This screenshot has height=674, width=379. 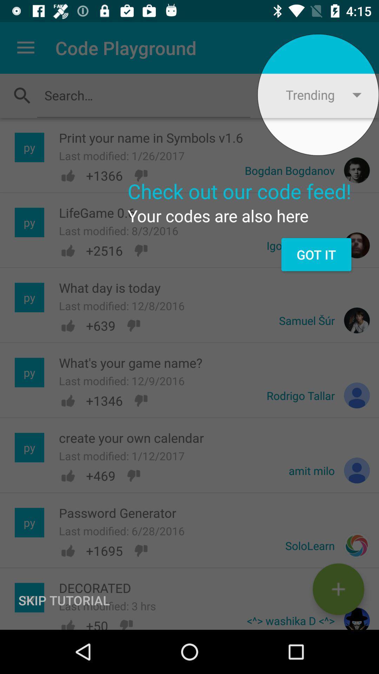 What do you see at coordinates (338, 589) in the screenshot?
I see `decorated option` at bounding box center [338, 589].